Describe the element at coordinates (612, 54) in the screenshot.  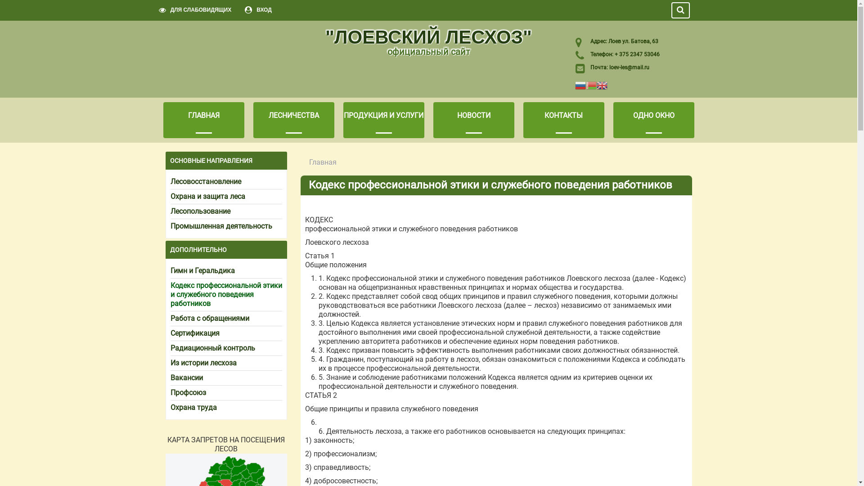
I see `'+ 375 2347 53046'` at that location.